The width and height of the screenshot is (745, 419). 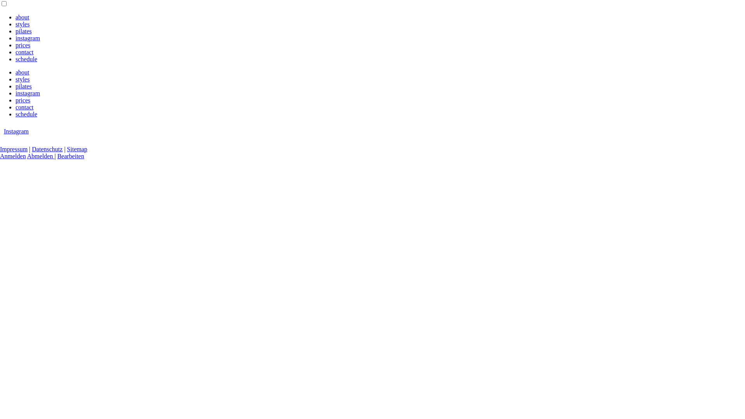 I want to click on 'Sitemap', so click(x=77, y=149).